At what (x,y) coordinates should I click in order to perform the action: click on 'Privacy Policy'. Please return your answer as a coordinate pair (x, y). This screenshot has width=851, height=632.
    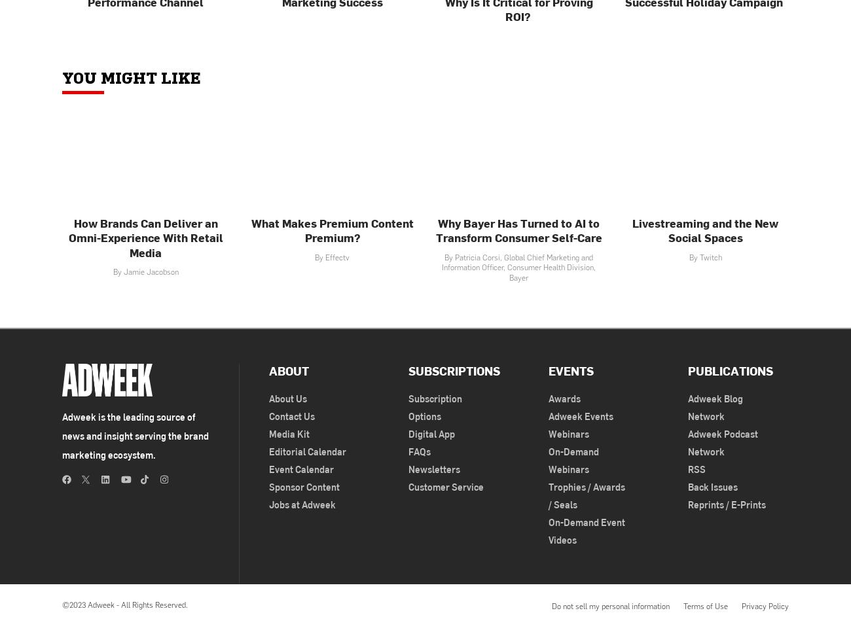
    Looking at the image, I should click on (765, 605).